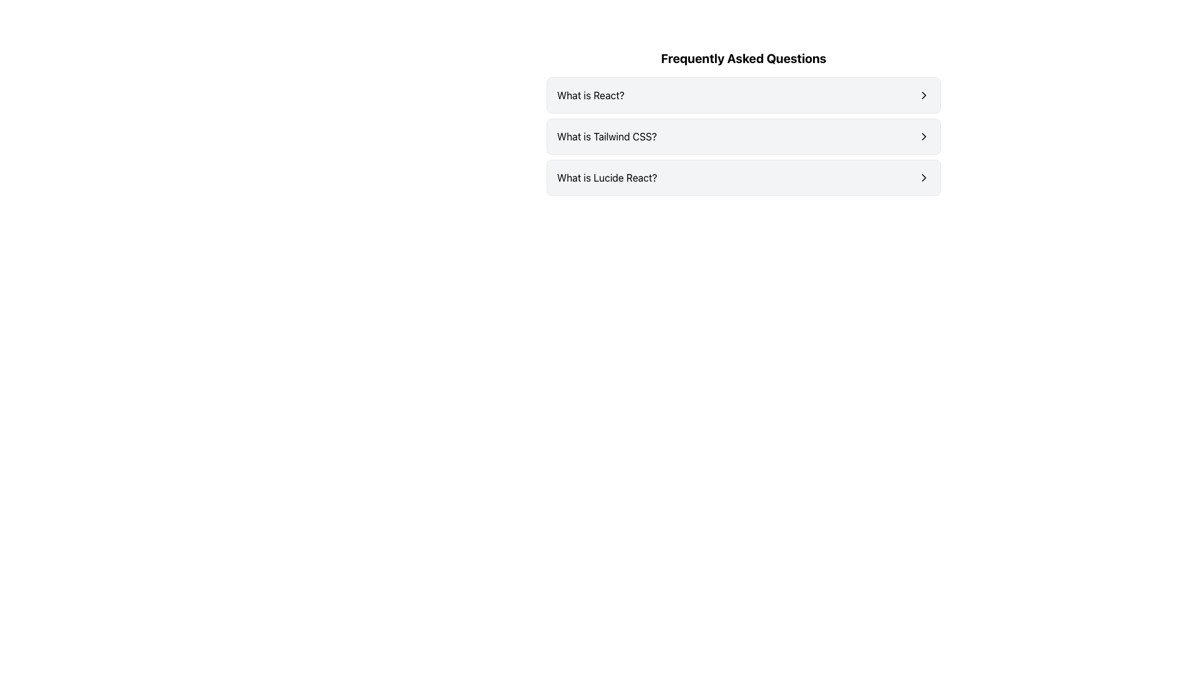 The width and height of the screenshot is (1198, 674). What do you see at coordinates (743, 178) in the screenshot?
I see `the interactive list item labeled 'What is Lucide React?'` at bounding box center [743, 178].